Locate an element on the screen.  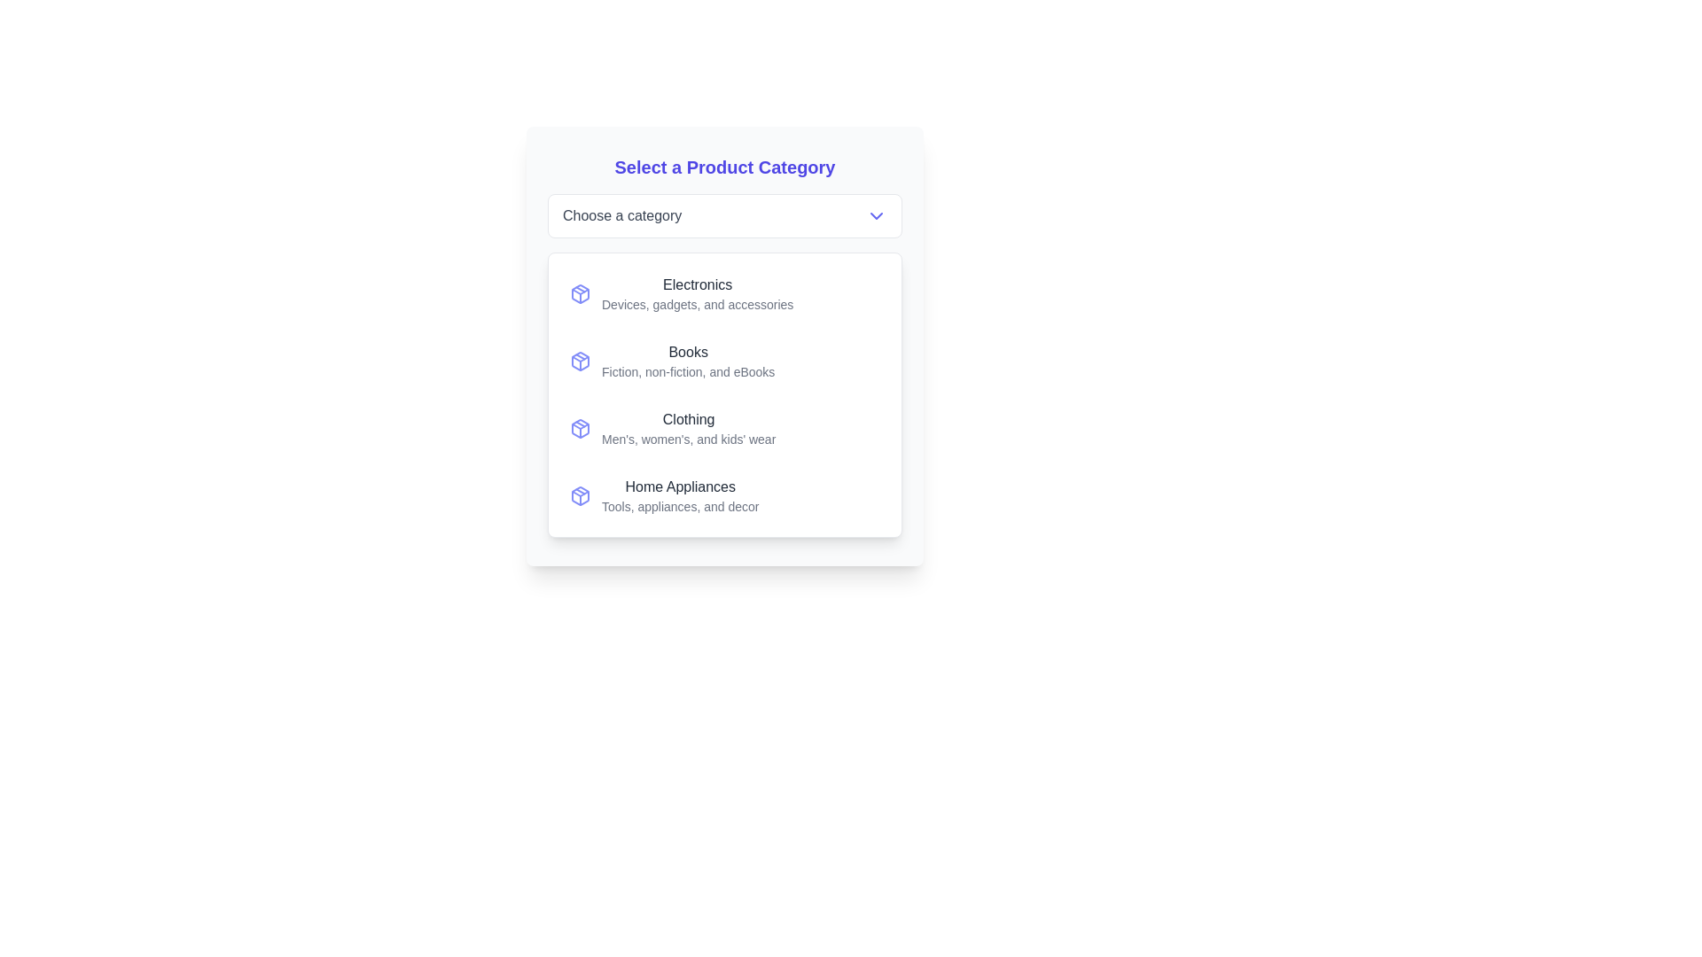
the first category list entry for 'Electronics' is located at coordinates (681, 292).